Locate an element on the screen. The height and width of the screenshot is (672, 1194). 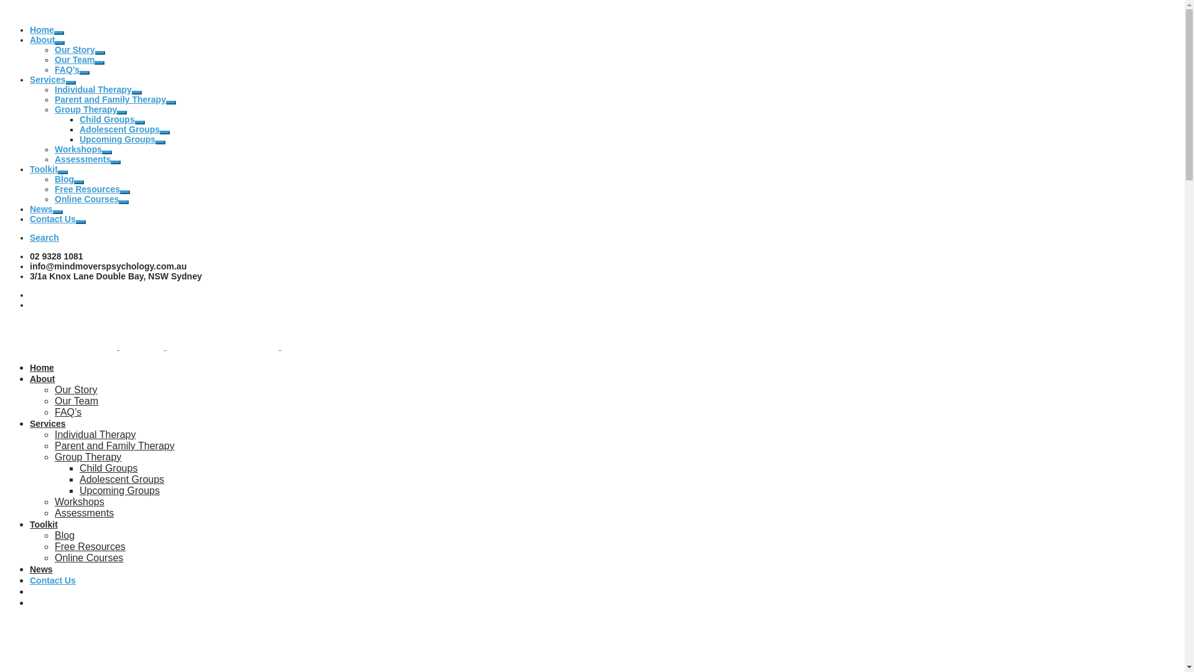
'Workshops' is located at coordinates (77, 148).